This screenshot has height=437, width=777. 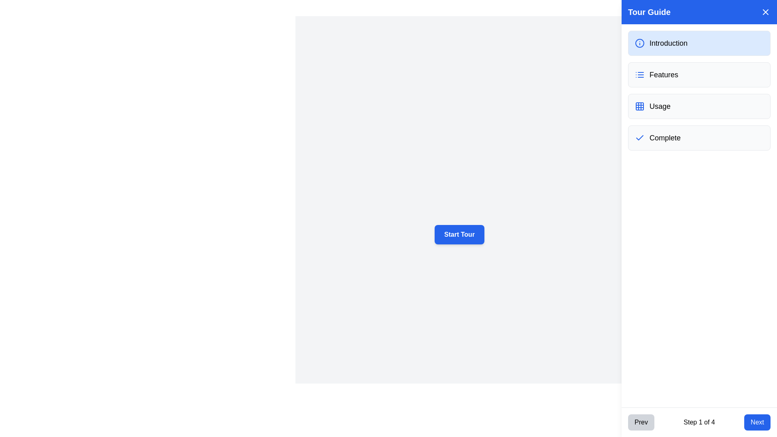 I want to click on the close (X) button with a blue background located in the top-right corner of the 'Tour Guide' section, so click(x=765, y=12).